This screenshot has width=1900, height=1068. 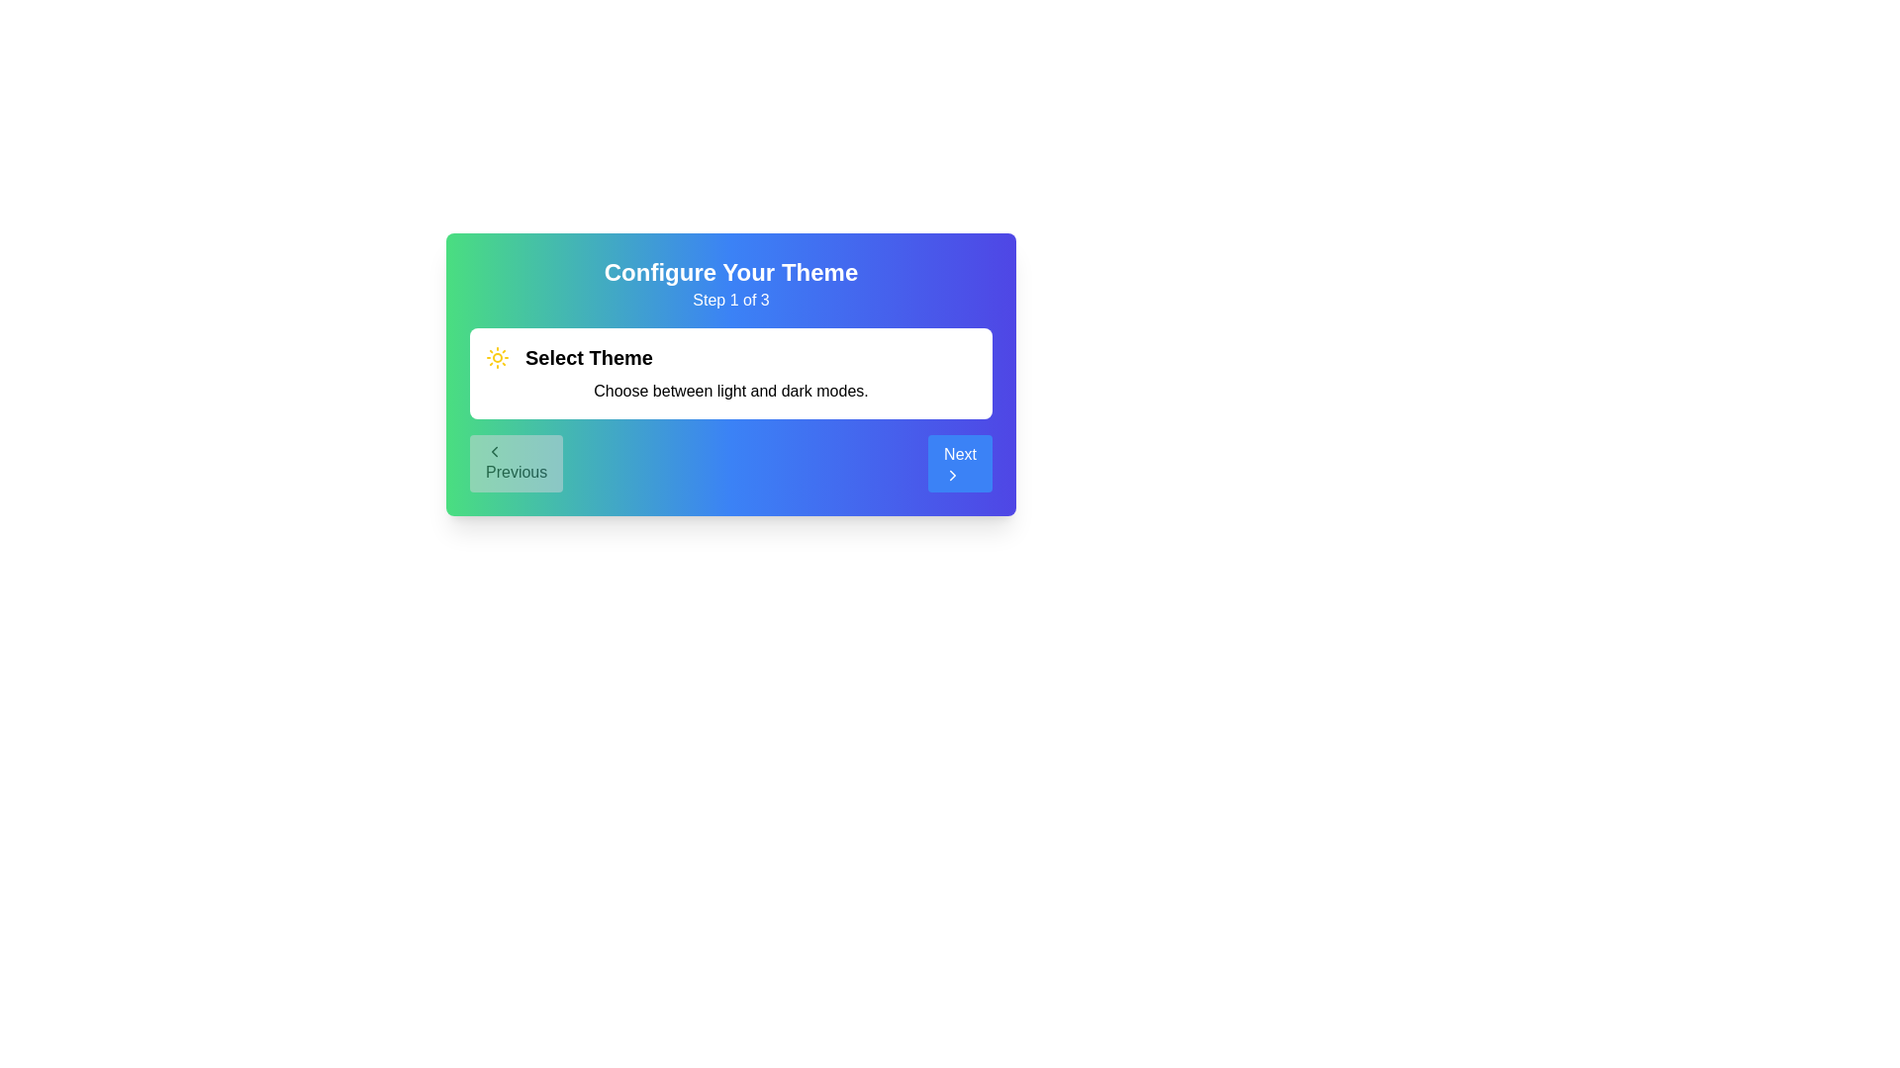 I want to click on the small sun icon with a circular core and radiating lines, rendered in yellow, located to the left of the 'Select Theme' label in the 'Configure Your Theme' dialogue box, so click(x=498, y=358).